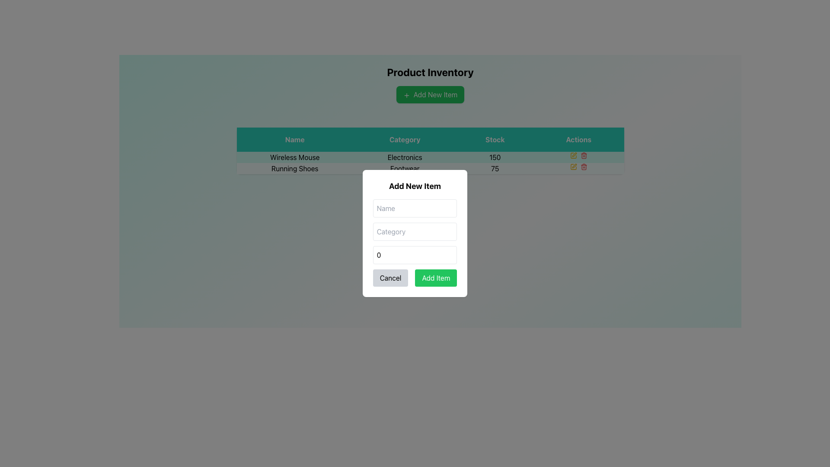  I want to click on the edit button (pen icon) in the Actions column for the first row of the data table corresponding to 'Wireless Mouse' to initiate an edit action, so click(574, 154).